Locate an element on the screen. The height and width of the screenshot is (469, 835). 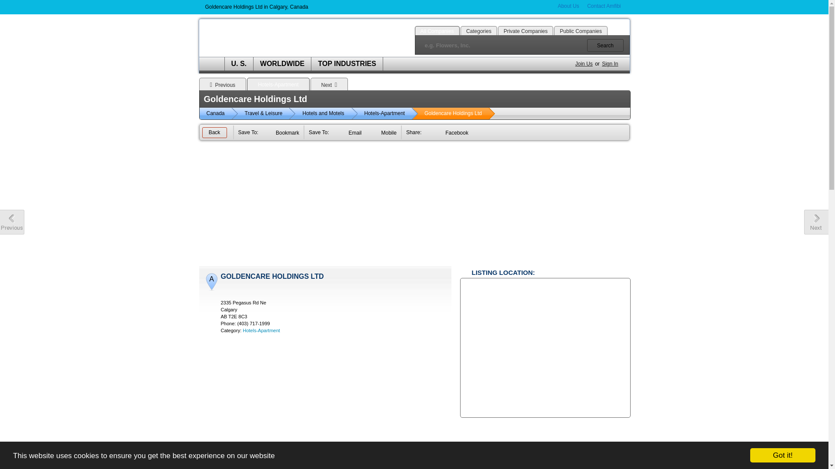
'Sign In' is located at coordinates (609, 63).